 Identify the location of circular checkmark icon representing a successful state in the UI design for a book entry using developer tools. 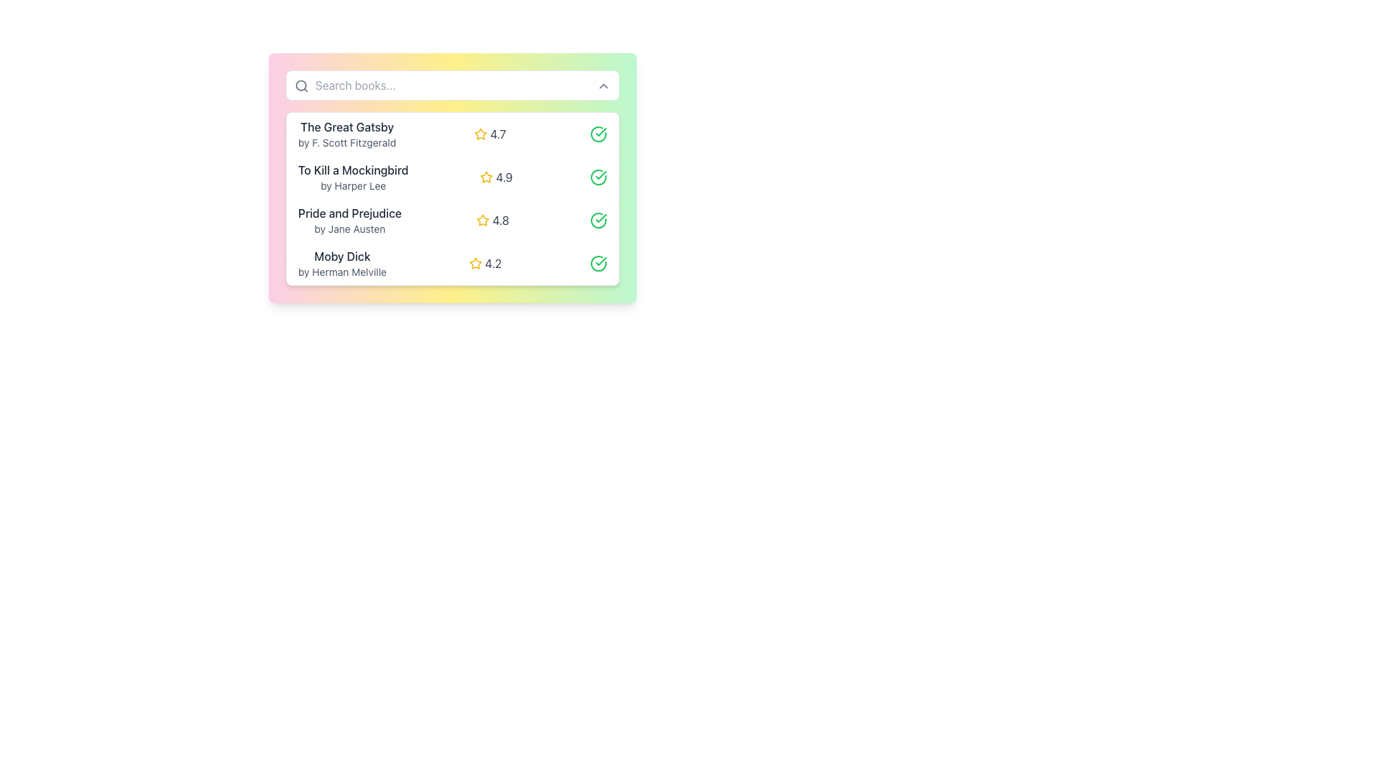
(598, 263).